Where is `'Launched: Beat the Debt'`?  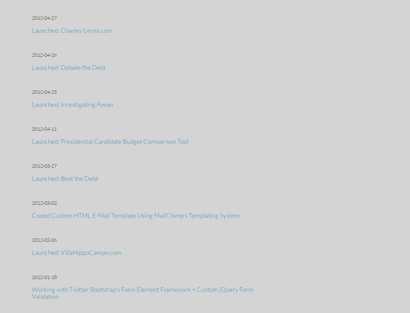
'Launched: Beat the Debt' is located at coordinates (65, 178).